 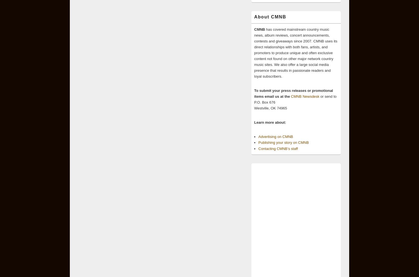 What do you see at coordinates (270, 122) in the screenshot?
I see `'Learn more about:'` at bounding box center [270, 122].